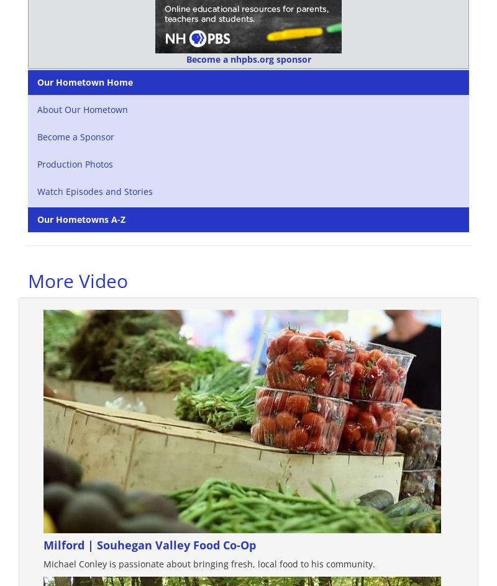 This screenshot has height=586, width=497. I want to click on 'More Video', so click(27, 280).